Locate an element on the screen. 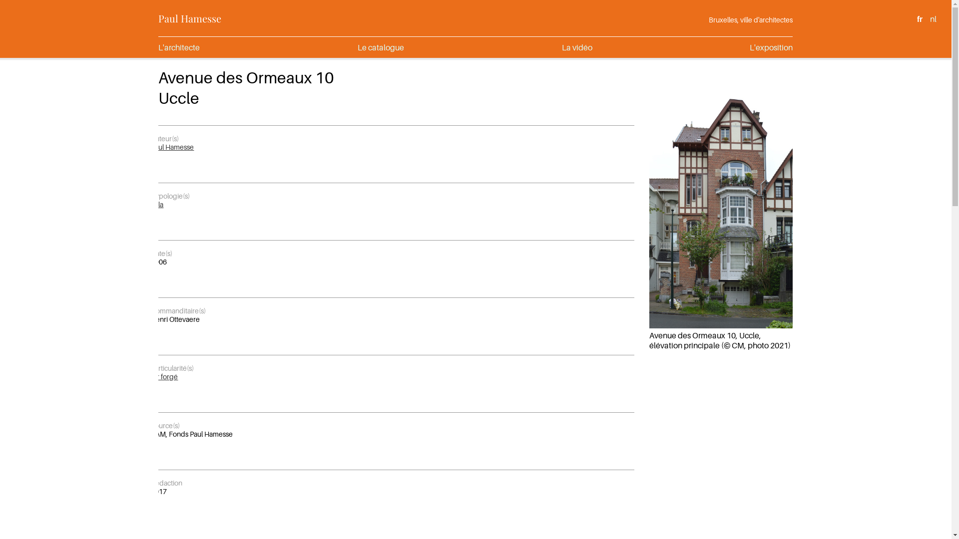  'L'architecte' is located at coordinates (179, 47).